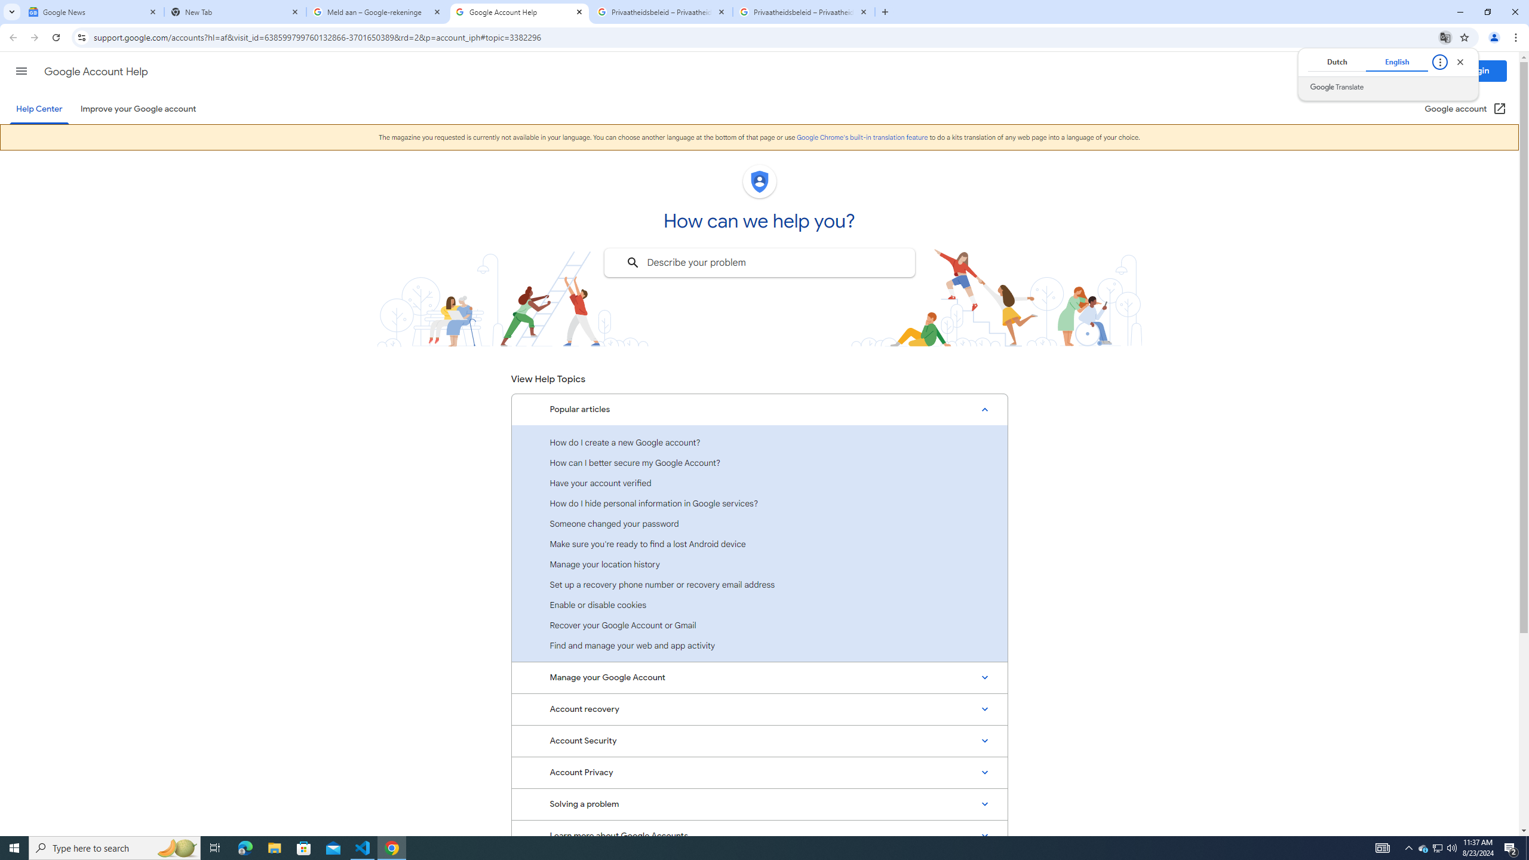 This screenshot has width=1529, height=860. Describe the element at coordinates (176, 847) in the screenshot. I see `'Search highlights icon opens search home window'` at that location.